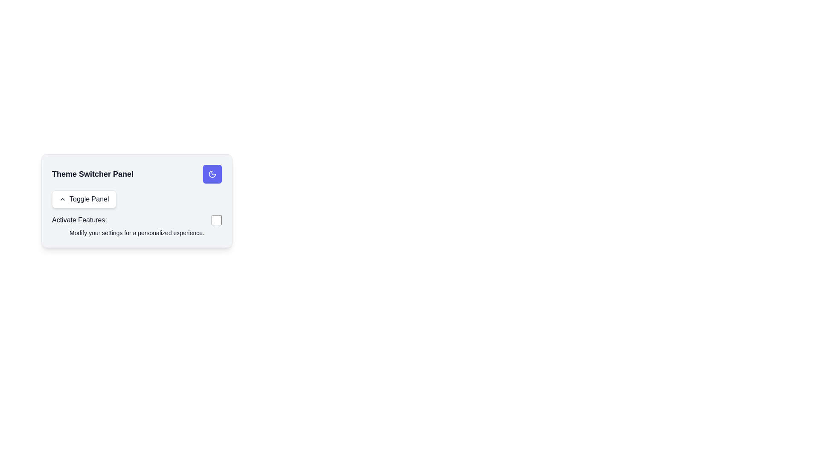  Describe the element at coordinates (62, 199) in the screenshot. I see `the icon that represents the action to collapse or hide a section, located within the button labeled 'Toggle Panel' in the 'Theme Switcher Panel'` at that location.